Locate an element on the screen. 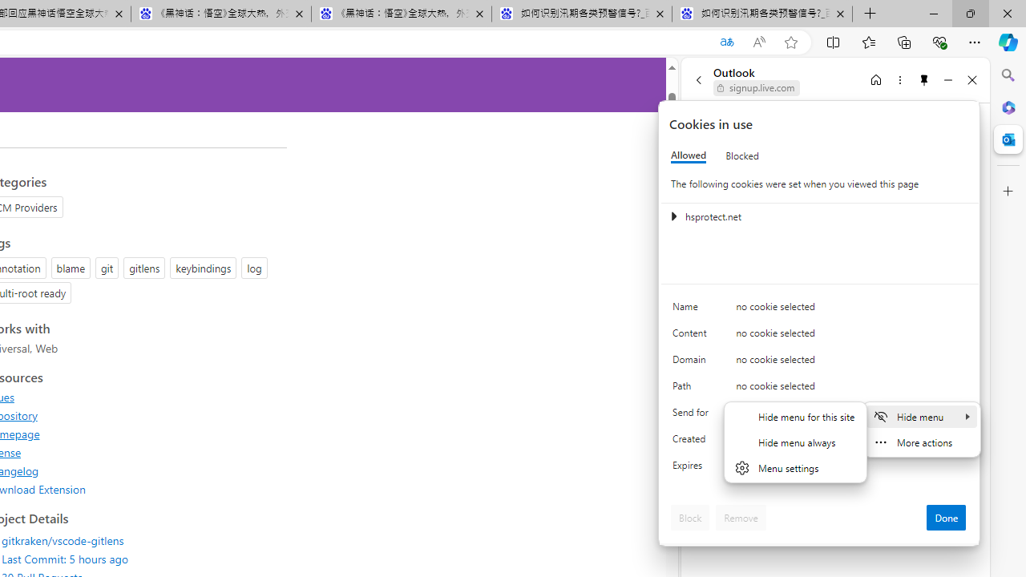  'Allowed' is located at coordinates (689, 155).